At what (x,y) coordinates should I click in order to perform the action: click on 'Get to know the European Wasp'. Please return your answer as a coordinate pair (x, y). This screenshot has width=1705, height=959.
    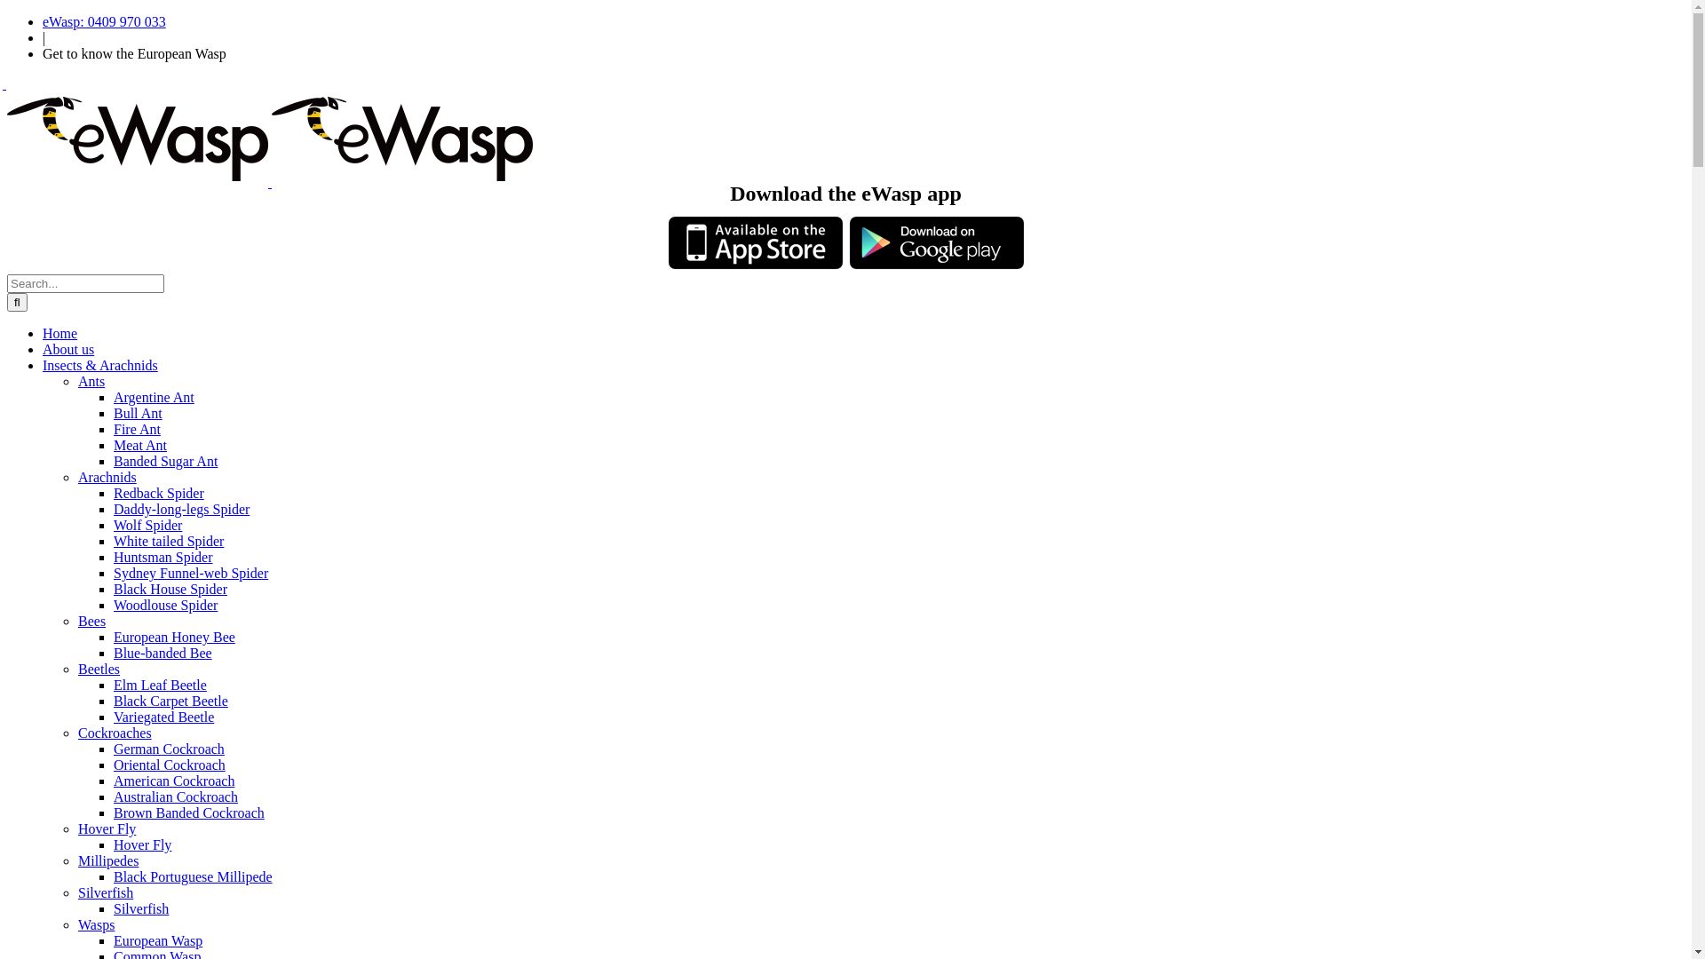
    Looking at the image, I should click on (133, 52).